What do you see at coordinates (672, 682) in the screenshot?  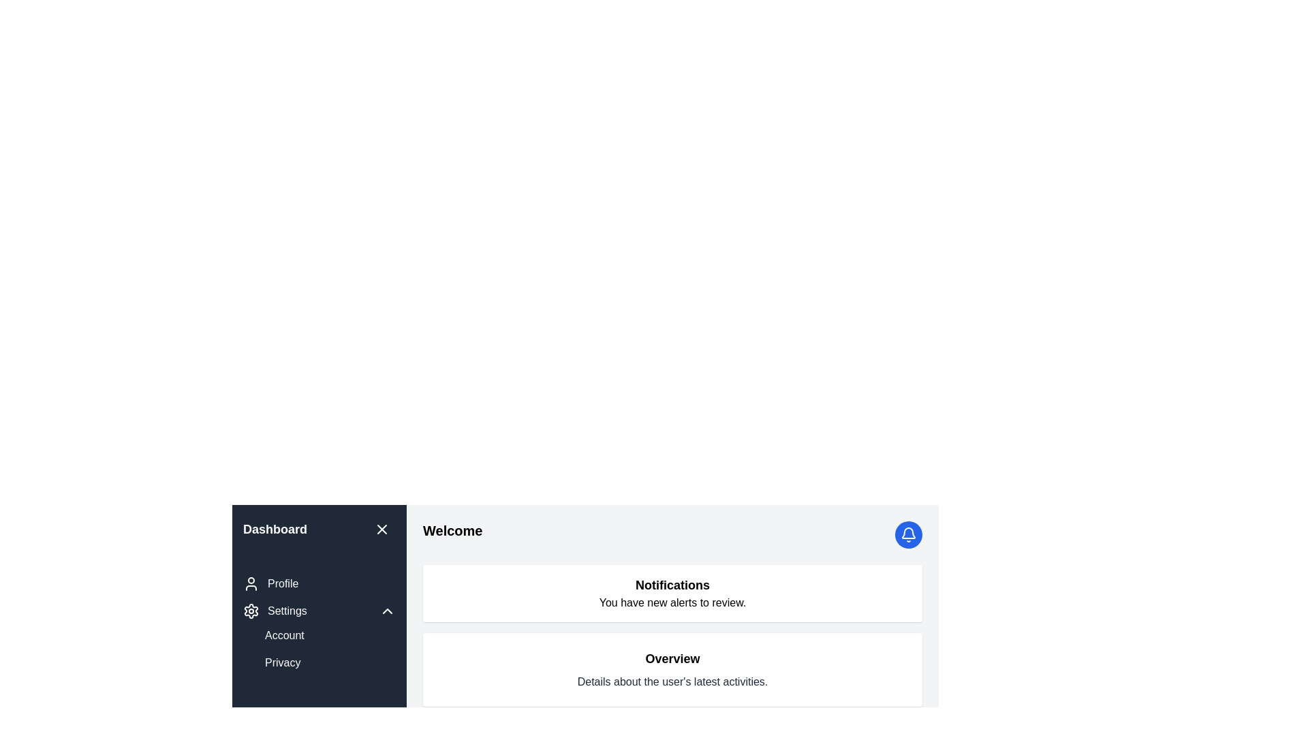 I see `the text block displaying 'Details about the user's latest activities.' located below the title 'Overview'` at bounding box center [672, 682].